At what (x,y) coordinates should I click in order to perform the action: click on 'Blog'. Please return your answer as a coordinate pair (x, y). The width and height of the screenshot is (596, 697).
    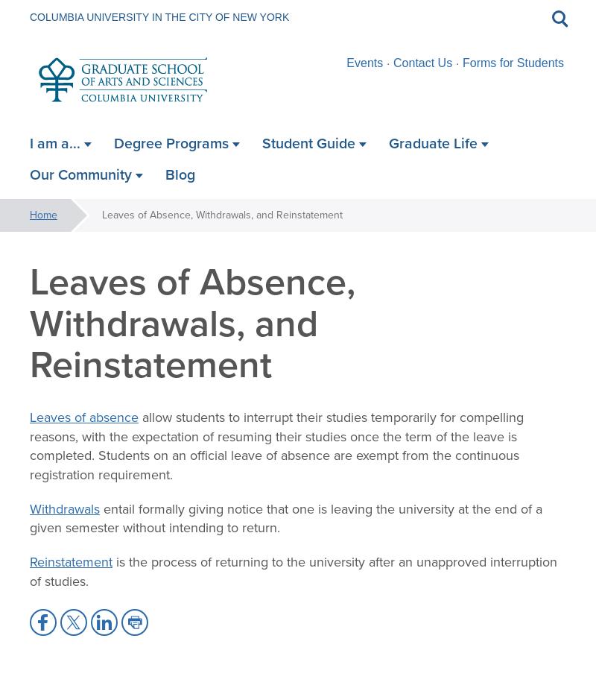
    Looking at the image, I should click on (165, 174).